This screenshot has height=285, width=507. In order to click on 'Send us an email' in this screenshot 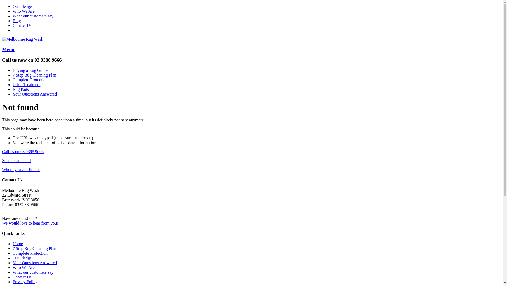, I will do `click(16, 160)`.